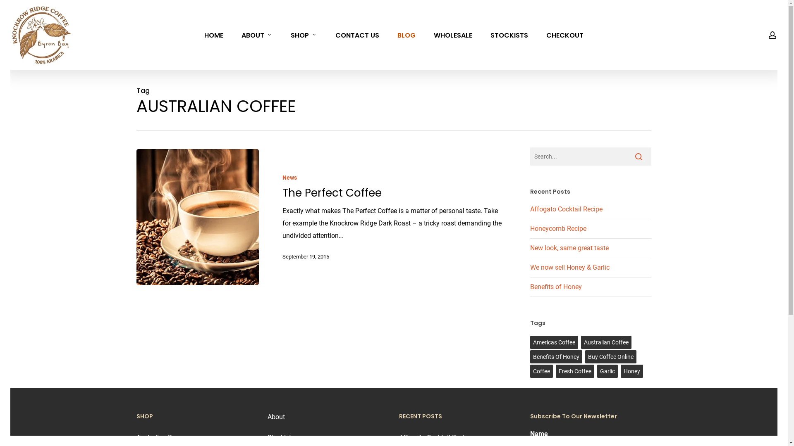 The width and height of the screenshot is (794, 446). I want to click on 'Coffee', so click(541, 370).